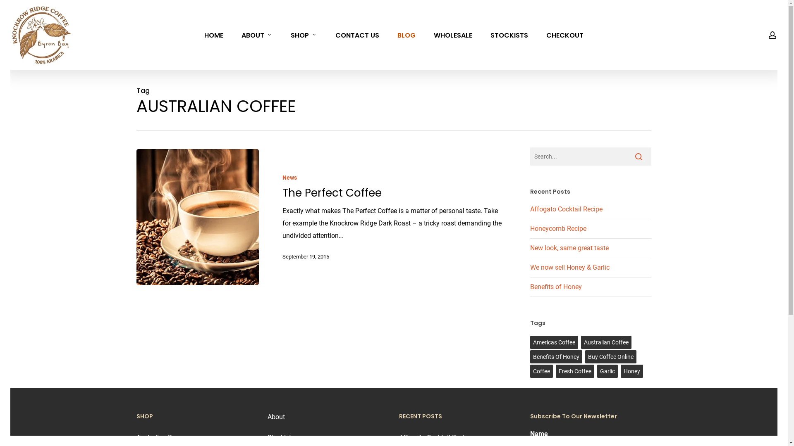 The width and height of the screenshot is (794, 446). I want to click on 'Coffee', so click(541, 370).